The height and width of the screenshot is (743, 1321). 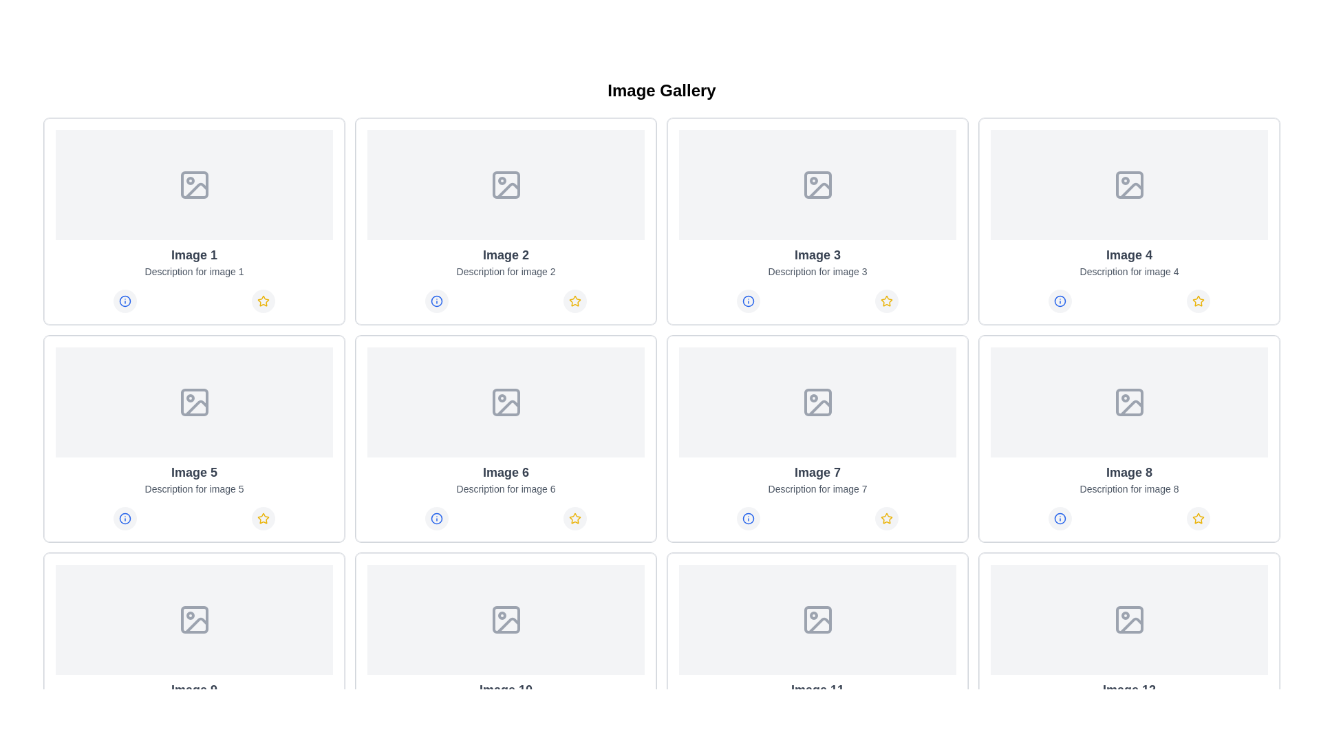 What do you see at coordinates (505, 620) in the screenshot?
I see `the image placeholder icon located in the ninth box of a grid layout, specifically in the third row, first column` at bounding box center [505, 620].